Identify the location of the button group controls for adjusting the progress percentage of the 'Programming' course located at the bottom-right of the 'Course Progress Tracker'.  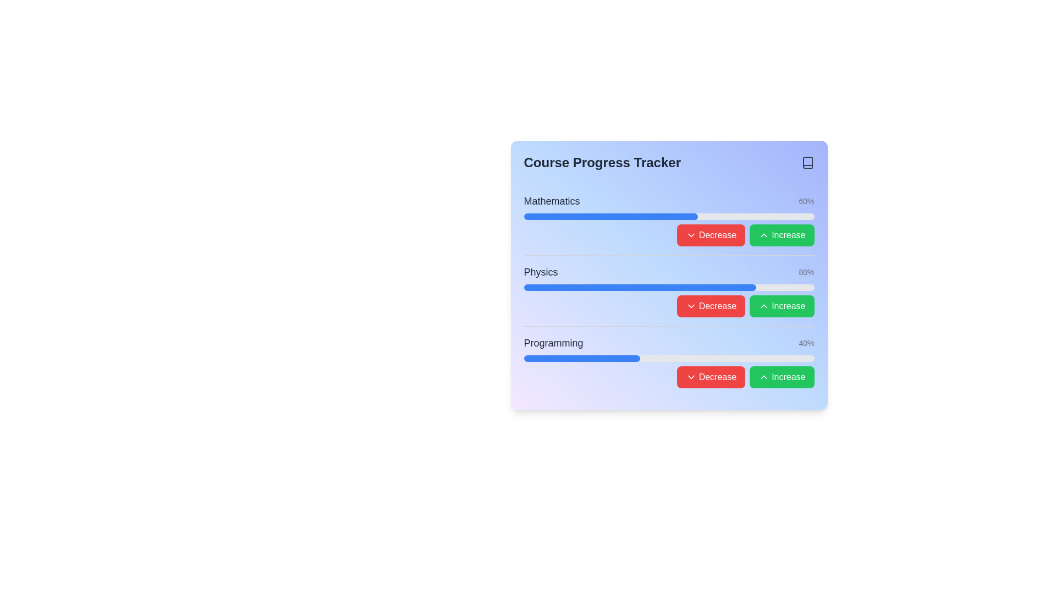
(668, 377).